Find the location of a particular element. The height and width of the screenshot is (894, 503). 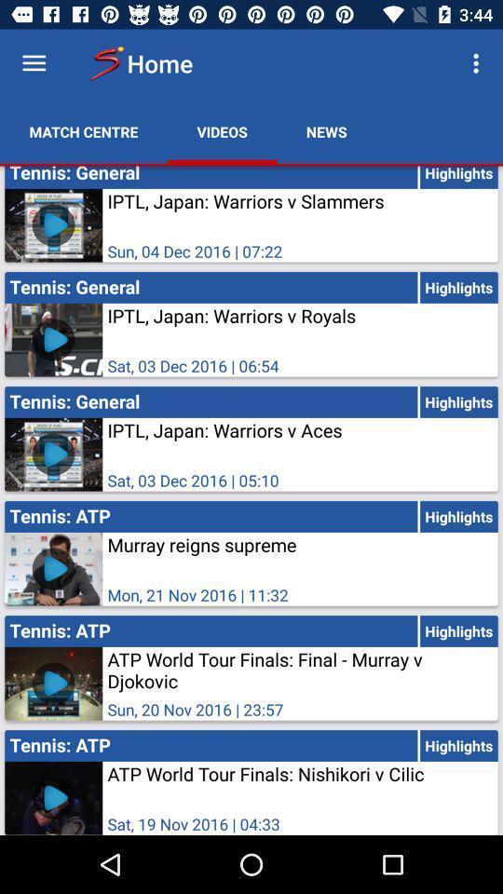

the icon above tennis: general icon is located at coordinates (325, 130).